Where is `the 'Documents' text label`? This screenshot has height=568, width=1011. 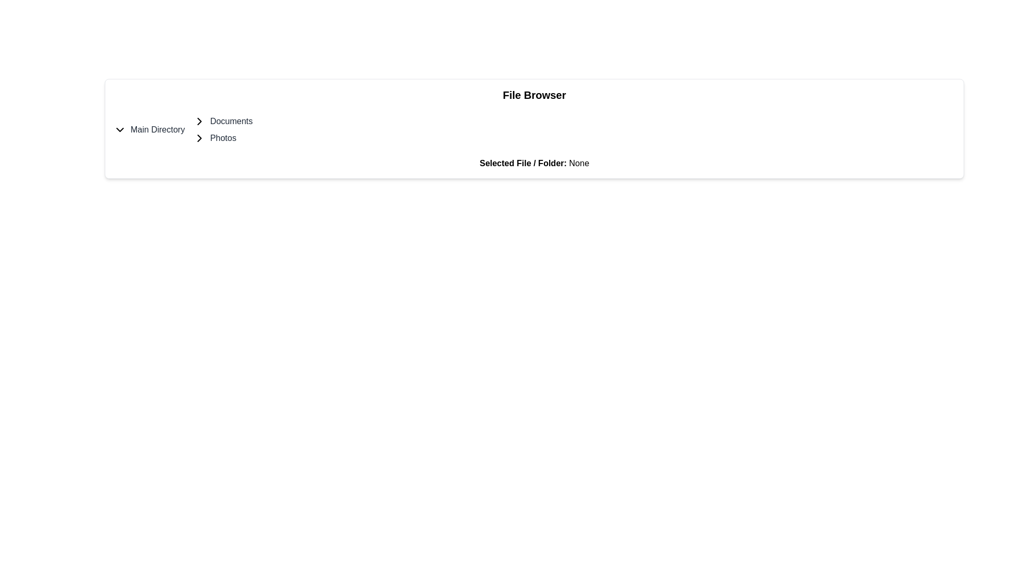 the 'Documents' text label is located at coordinates (231, 121).